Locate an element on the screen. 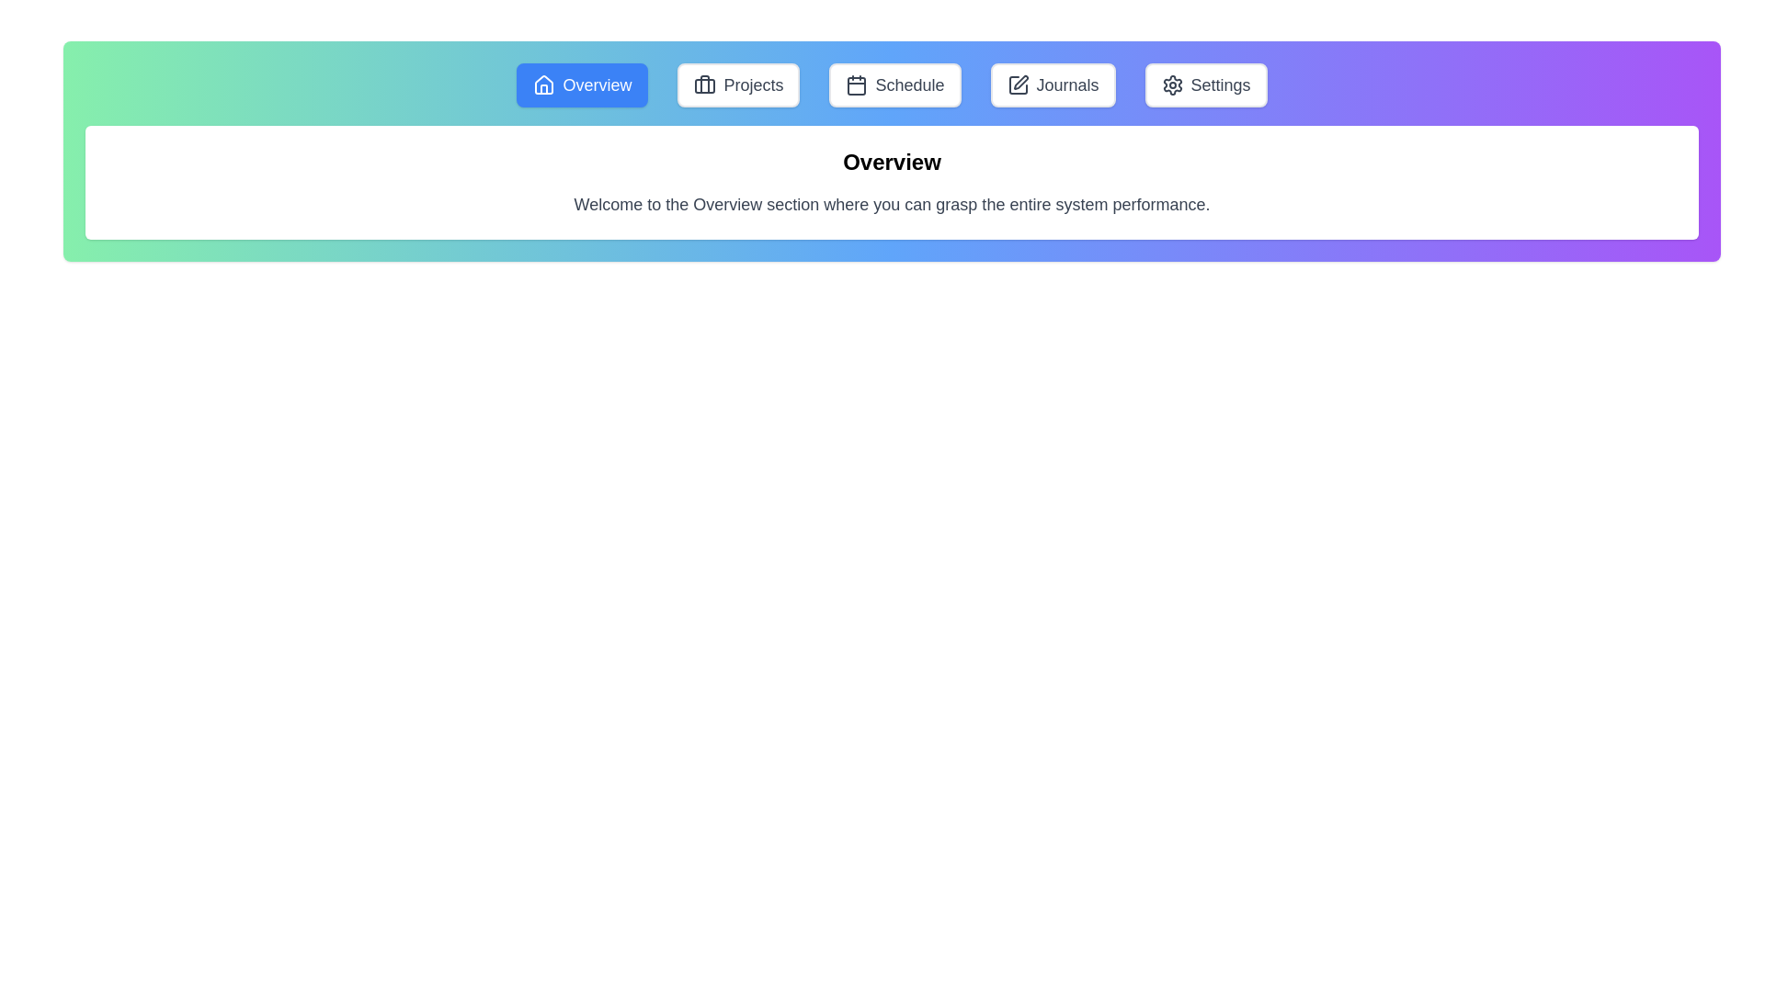 Image resolution: width=1765 pixels, height=992 pixels. the non-interactive segment of the SVG icon representing the 'Journals' navigation option, located in the top navigation bar is located at coordinates (1017, 85).